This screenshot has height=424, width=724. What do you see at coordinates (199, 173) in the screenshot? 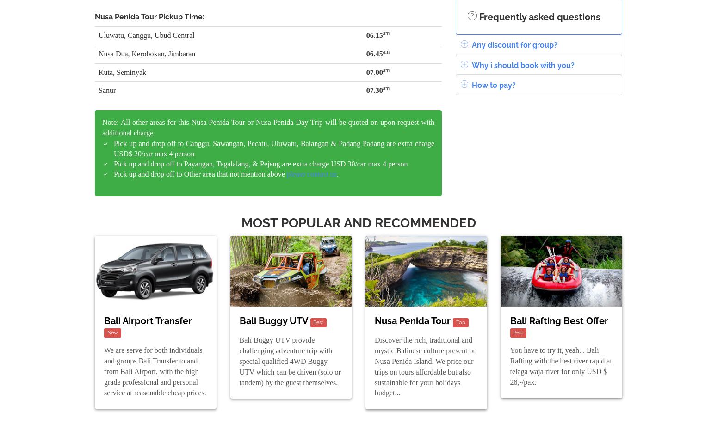
I see `'Pick up and drop off to Other area that not mention above'` at bounding box center [199, 173].